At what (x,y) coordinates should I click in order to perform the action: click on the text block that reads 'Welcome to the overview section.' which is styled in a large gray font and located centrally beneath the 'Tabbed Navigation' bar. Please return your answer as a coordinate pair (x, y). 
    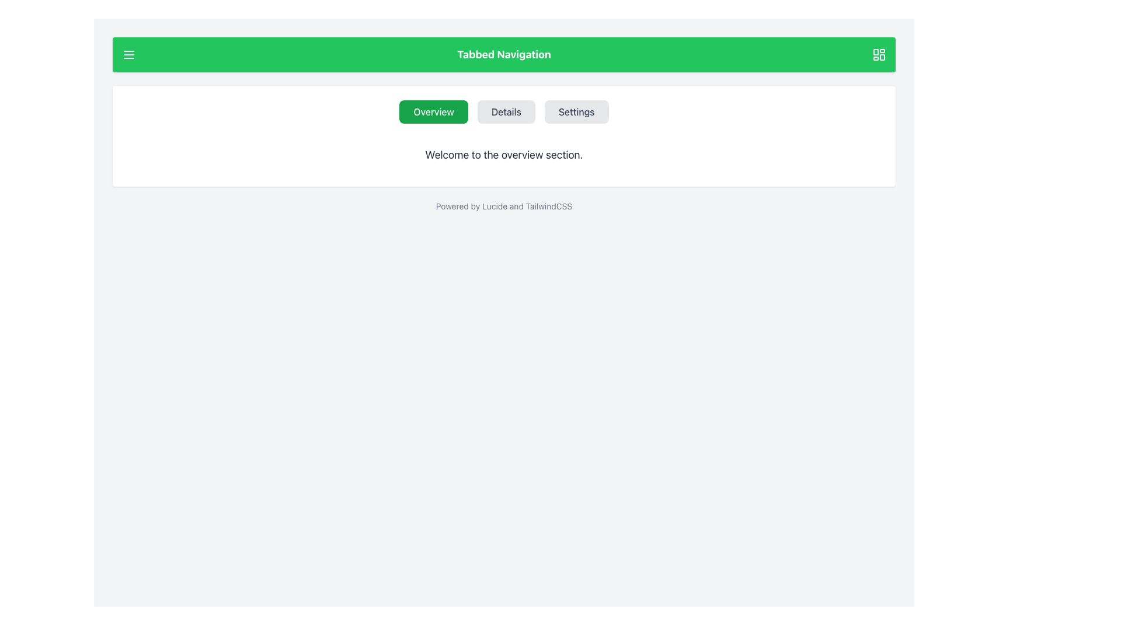
    Looking at the image, I should click on (504, 155).